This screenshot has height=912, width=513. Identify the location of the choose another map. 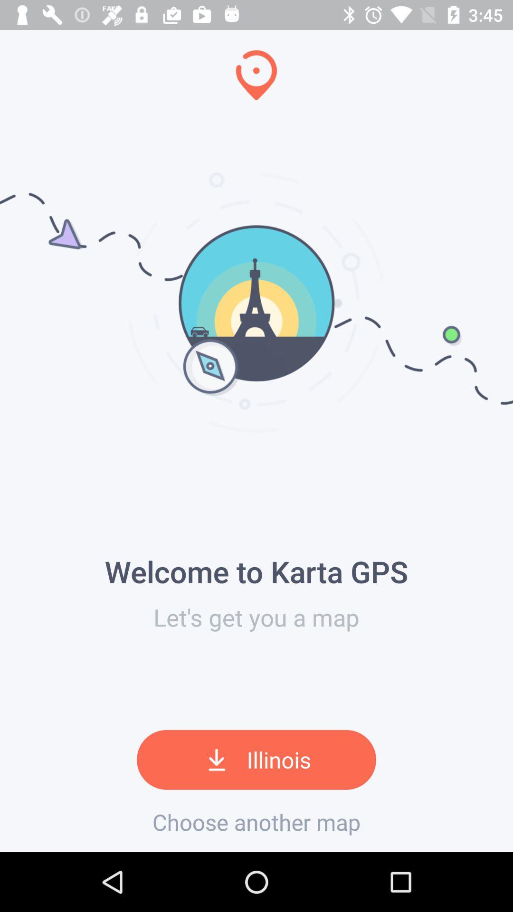
(256, 822).